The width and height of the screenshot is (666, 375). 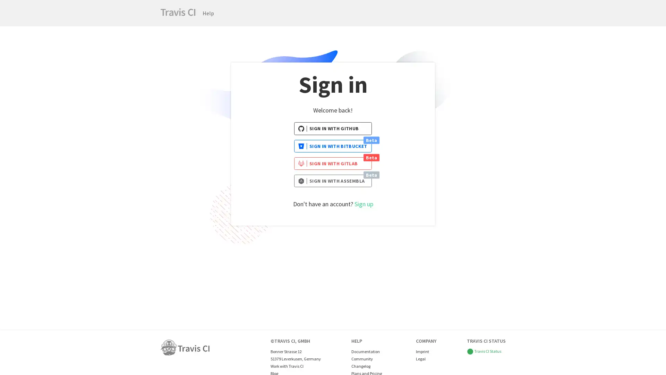 I want to click on SIGN IN WITH GITLAB Beta, so click(x=333, y=163).